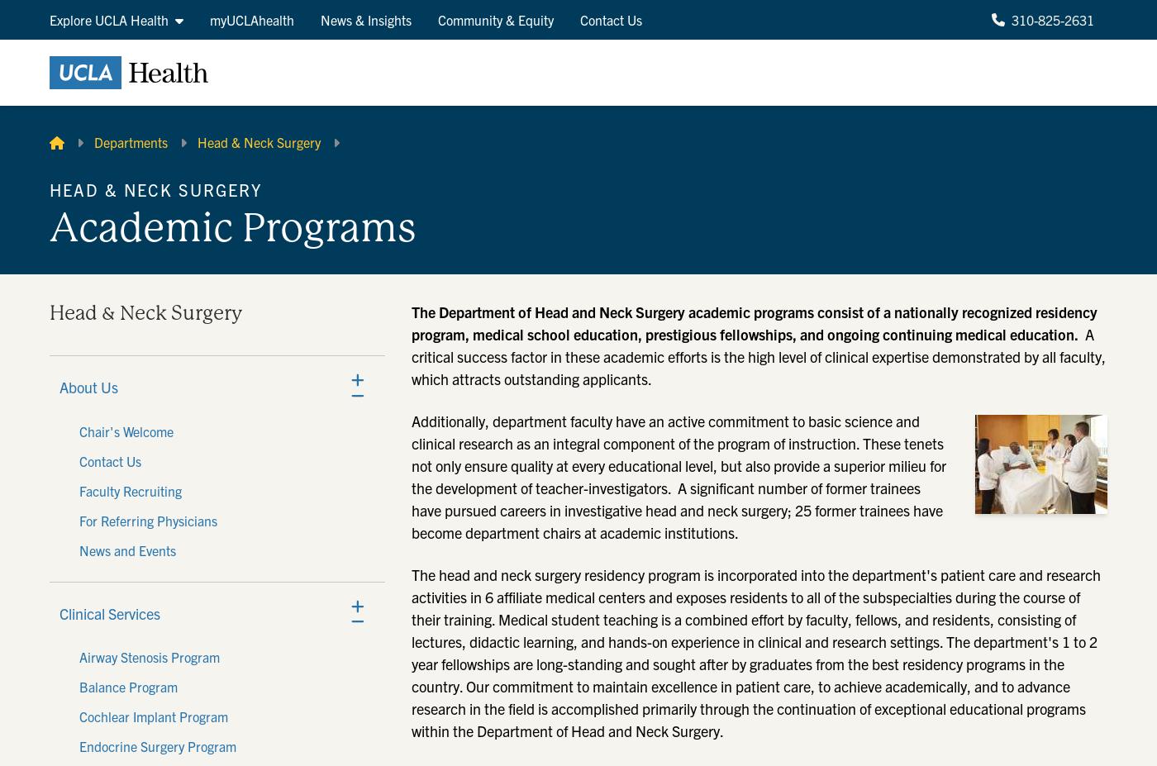 This screenshot has height=766, width=1157. Describe the element at coordinates (758, 355) in the screenshot. I see `'A critical success factor in these academic efforts is the high level of clinical expertise demonstrated by all faculty, which attracts outstanding applicants.'` at that location.